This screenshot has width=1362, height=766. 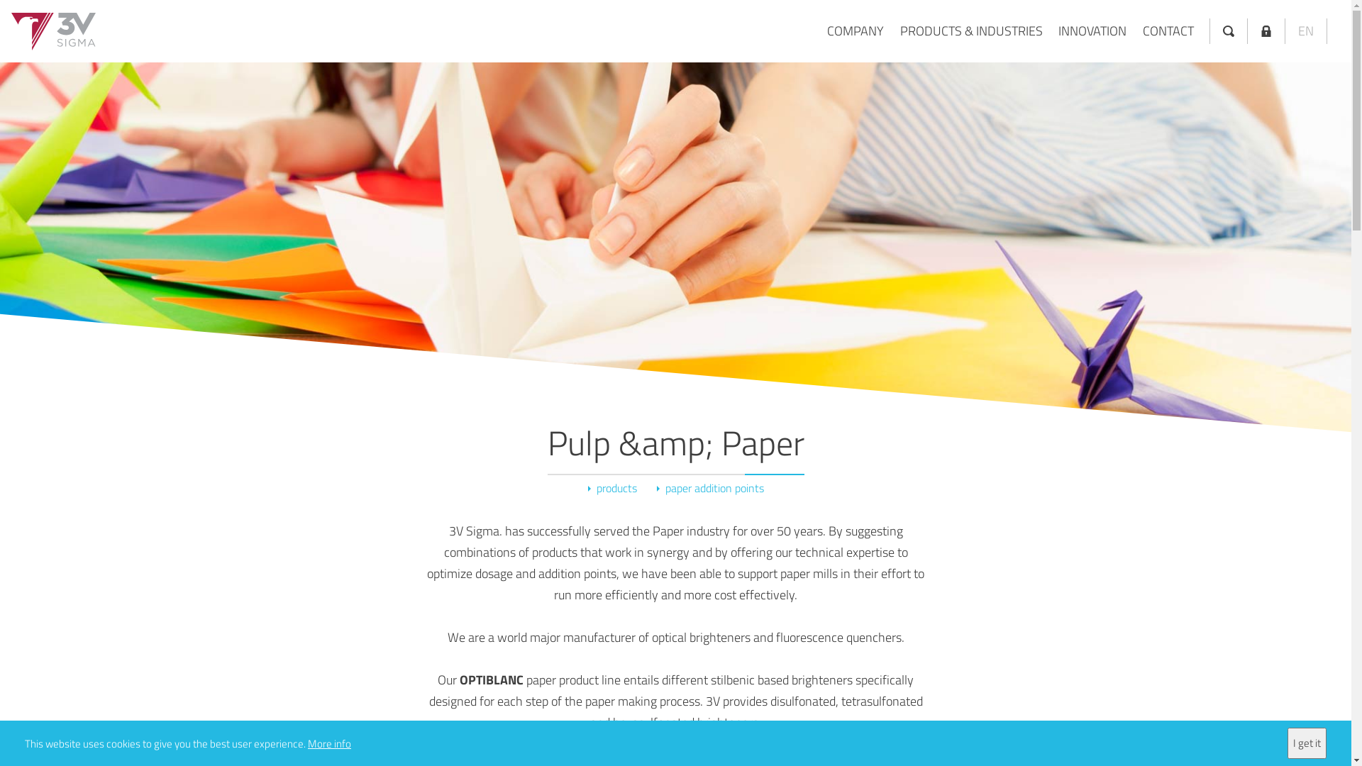 What do you see at coordinates (611, 487) in the screenshot?
I see `'products'` at bounding box center [611, 487].